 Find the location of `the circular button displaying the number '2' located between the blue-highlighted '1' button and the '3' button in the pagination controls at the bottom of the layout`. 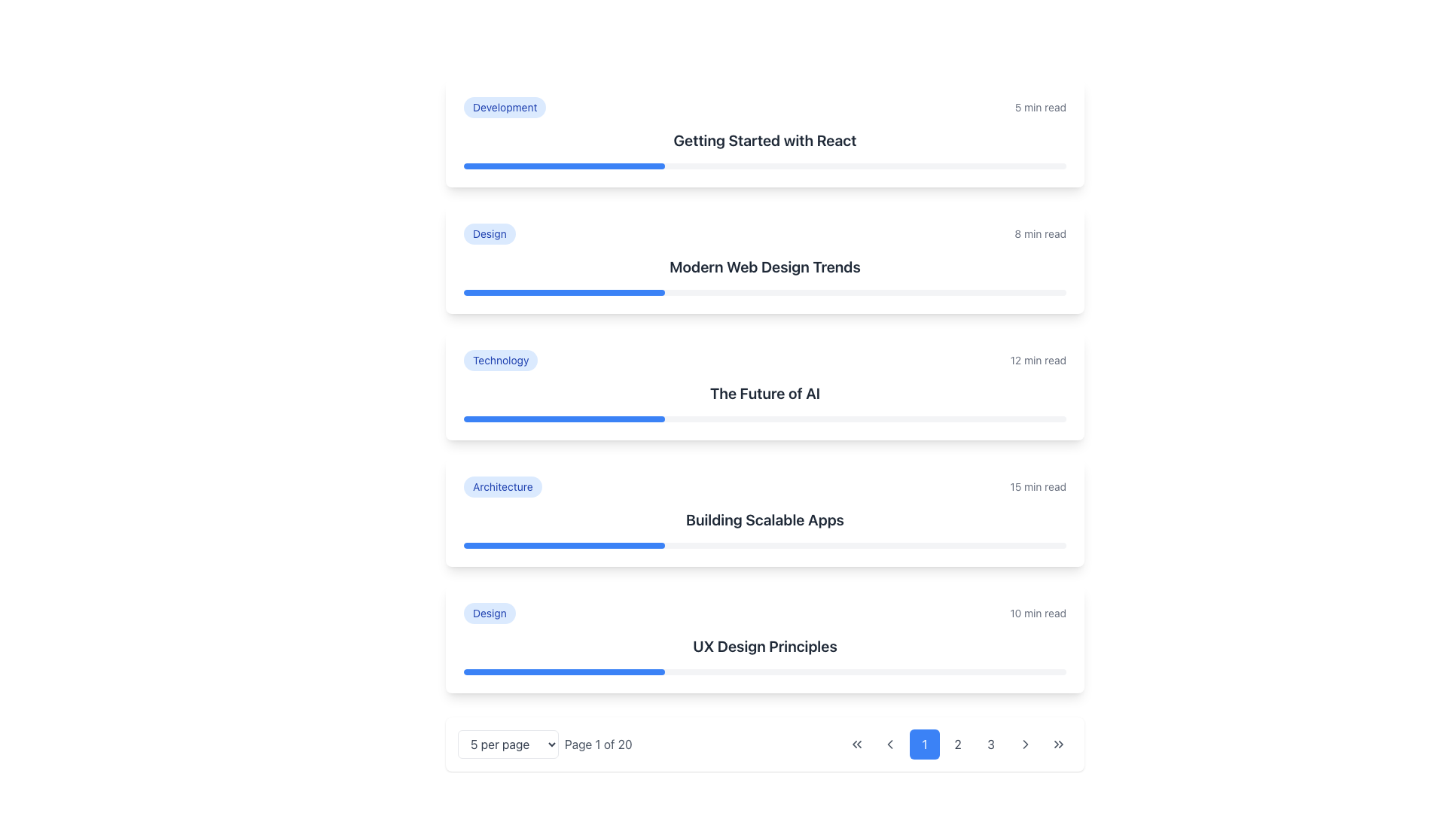

the circular button displaying the number '2' located between the blue-highlighted '1' button and the '3' button in the pagination controls at the bottom of the layout is located at coordinates (957, 743).